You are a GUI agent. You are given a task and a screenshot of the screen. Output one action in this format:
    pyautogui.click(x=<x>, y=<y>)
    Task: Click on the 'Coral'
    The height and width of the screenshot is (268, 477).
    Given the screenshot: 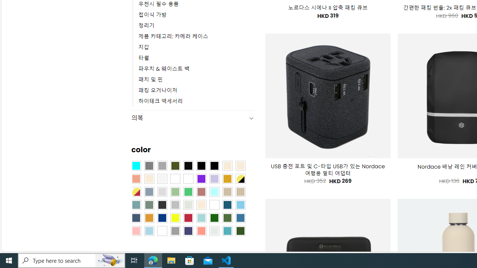 What is the action you would take?
    pyautogui.click(x=136, y=179)
    